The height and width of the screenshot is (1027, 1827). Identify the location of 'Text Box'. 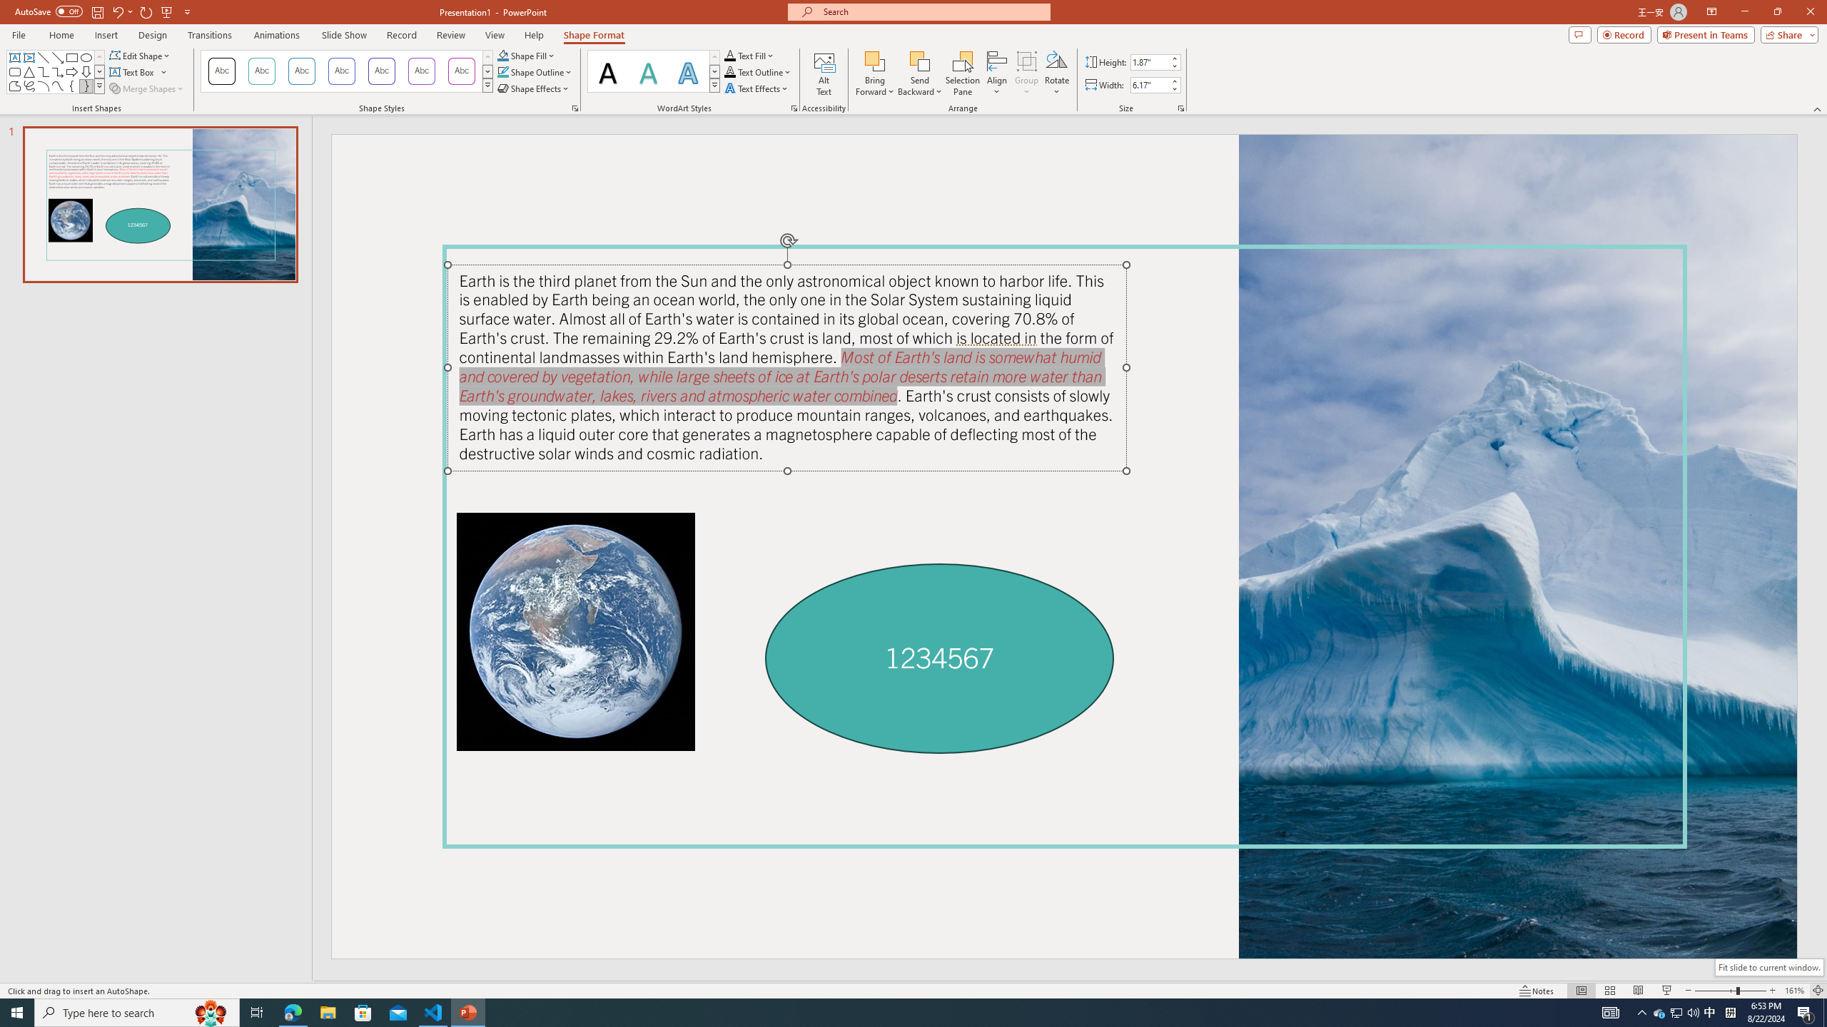
(138, 71).